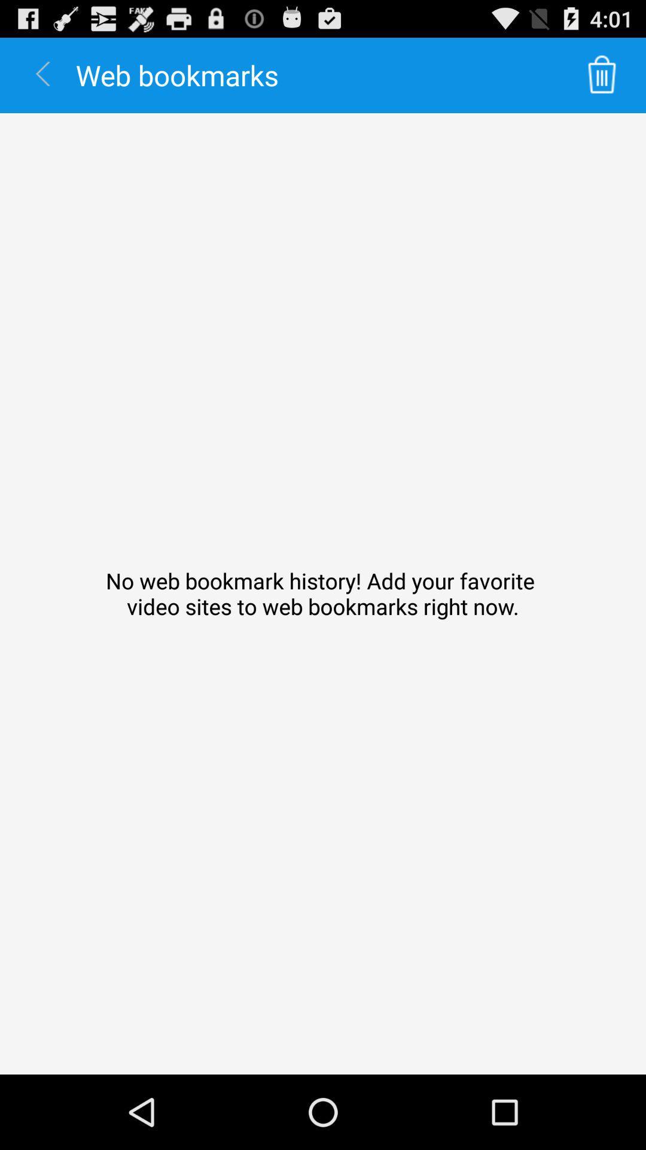 This screenshot has height=1150, width=646. What do you see at coordinates (602, 74) in the screenshot?
I see `the item at the top right corner` at bounding box center [602, 74].